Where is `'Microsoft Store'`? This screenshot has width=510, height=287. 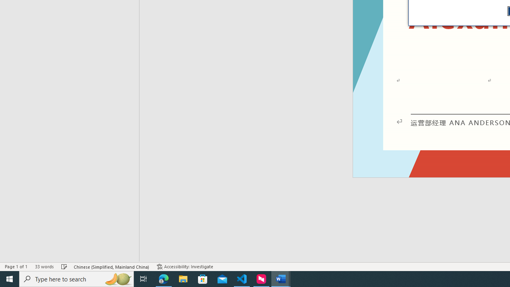
'Microsoft Store' is located at coordinates (203, 278).